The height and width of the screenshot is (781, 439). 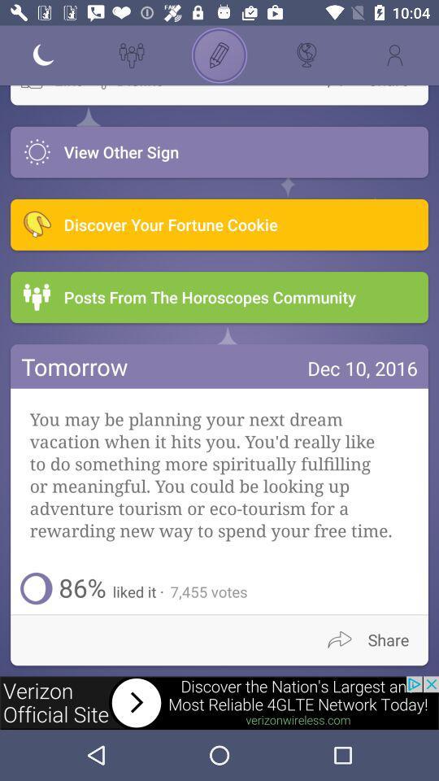 I want to click on the edit icon, so click(x=219, y=55).